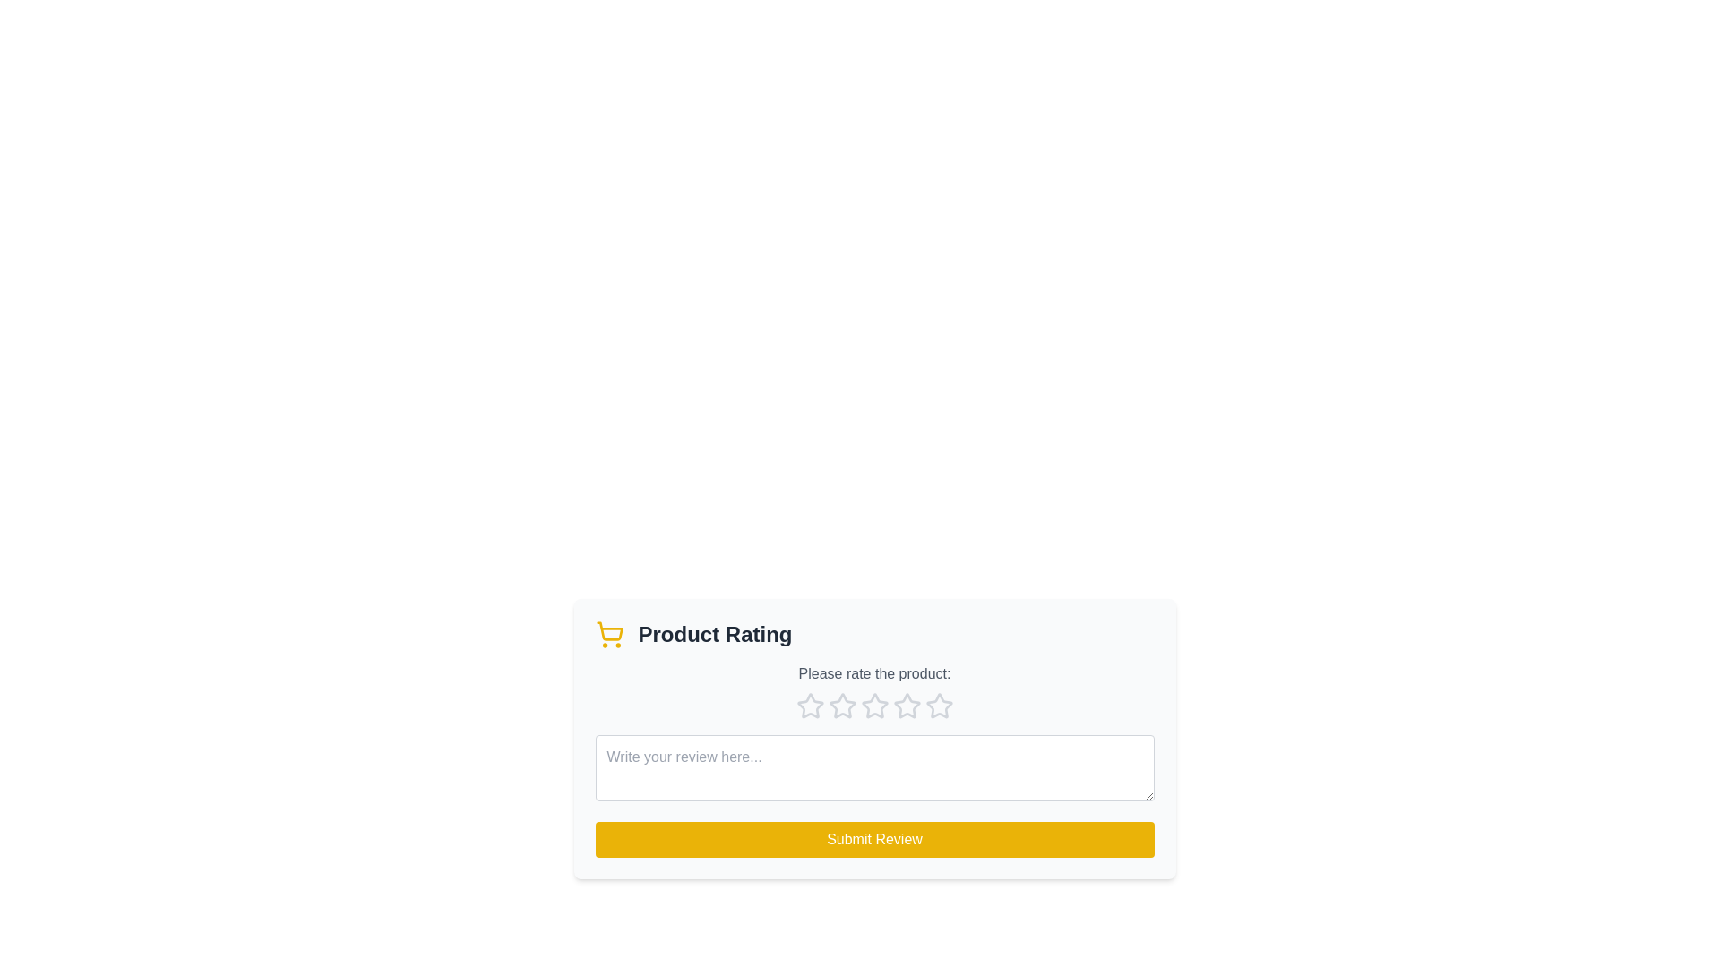  What do you see at coordinates (907, 706) in the screenshot?
I see `the sixth star icon in the product rating interface` at bounding box center [907, 706].